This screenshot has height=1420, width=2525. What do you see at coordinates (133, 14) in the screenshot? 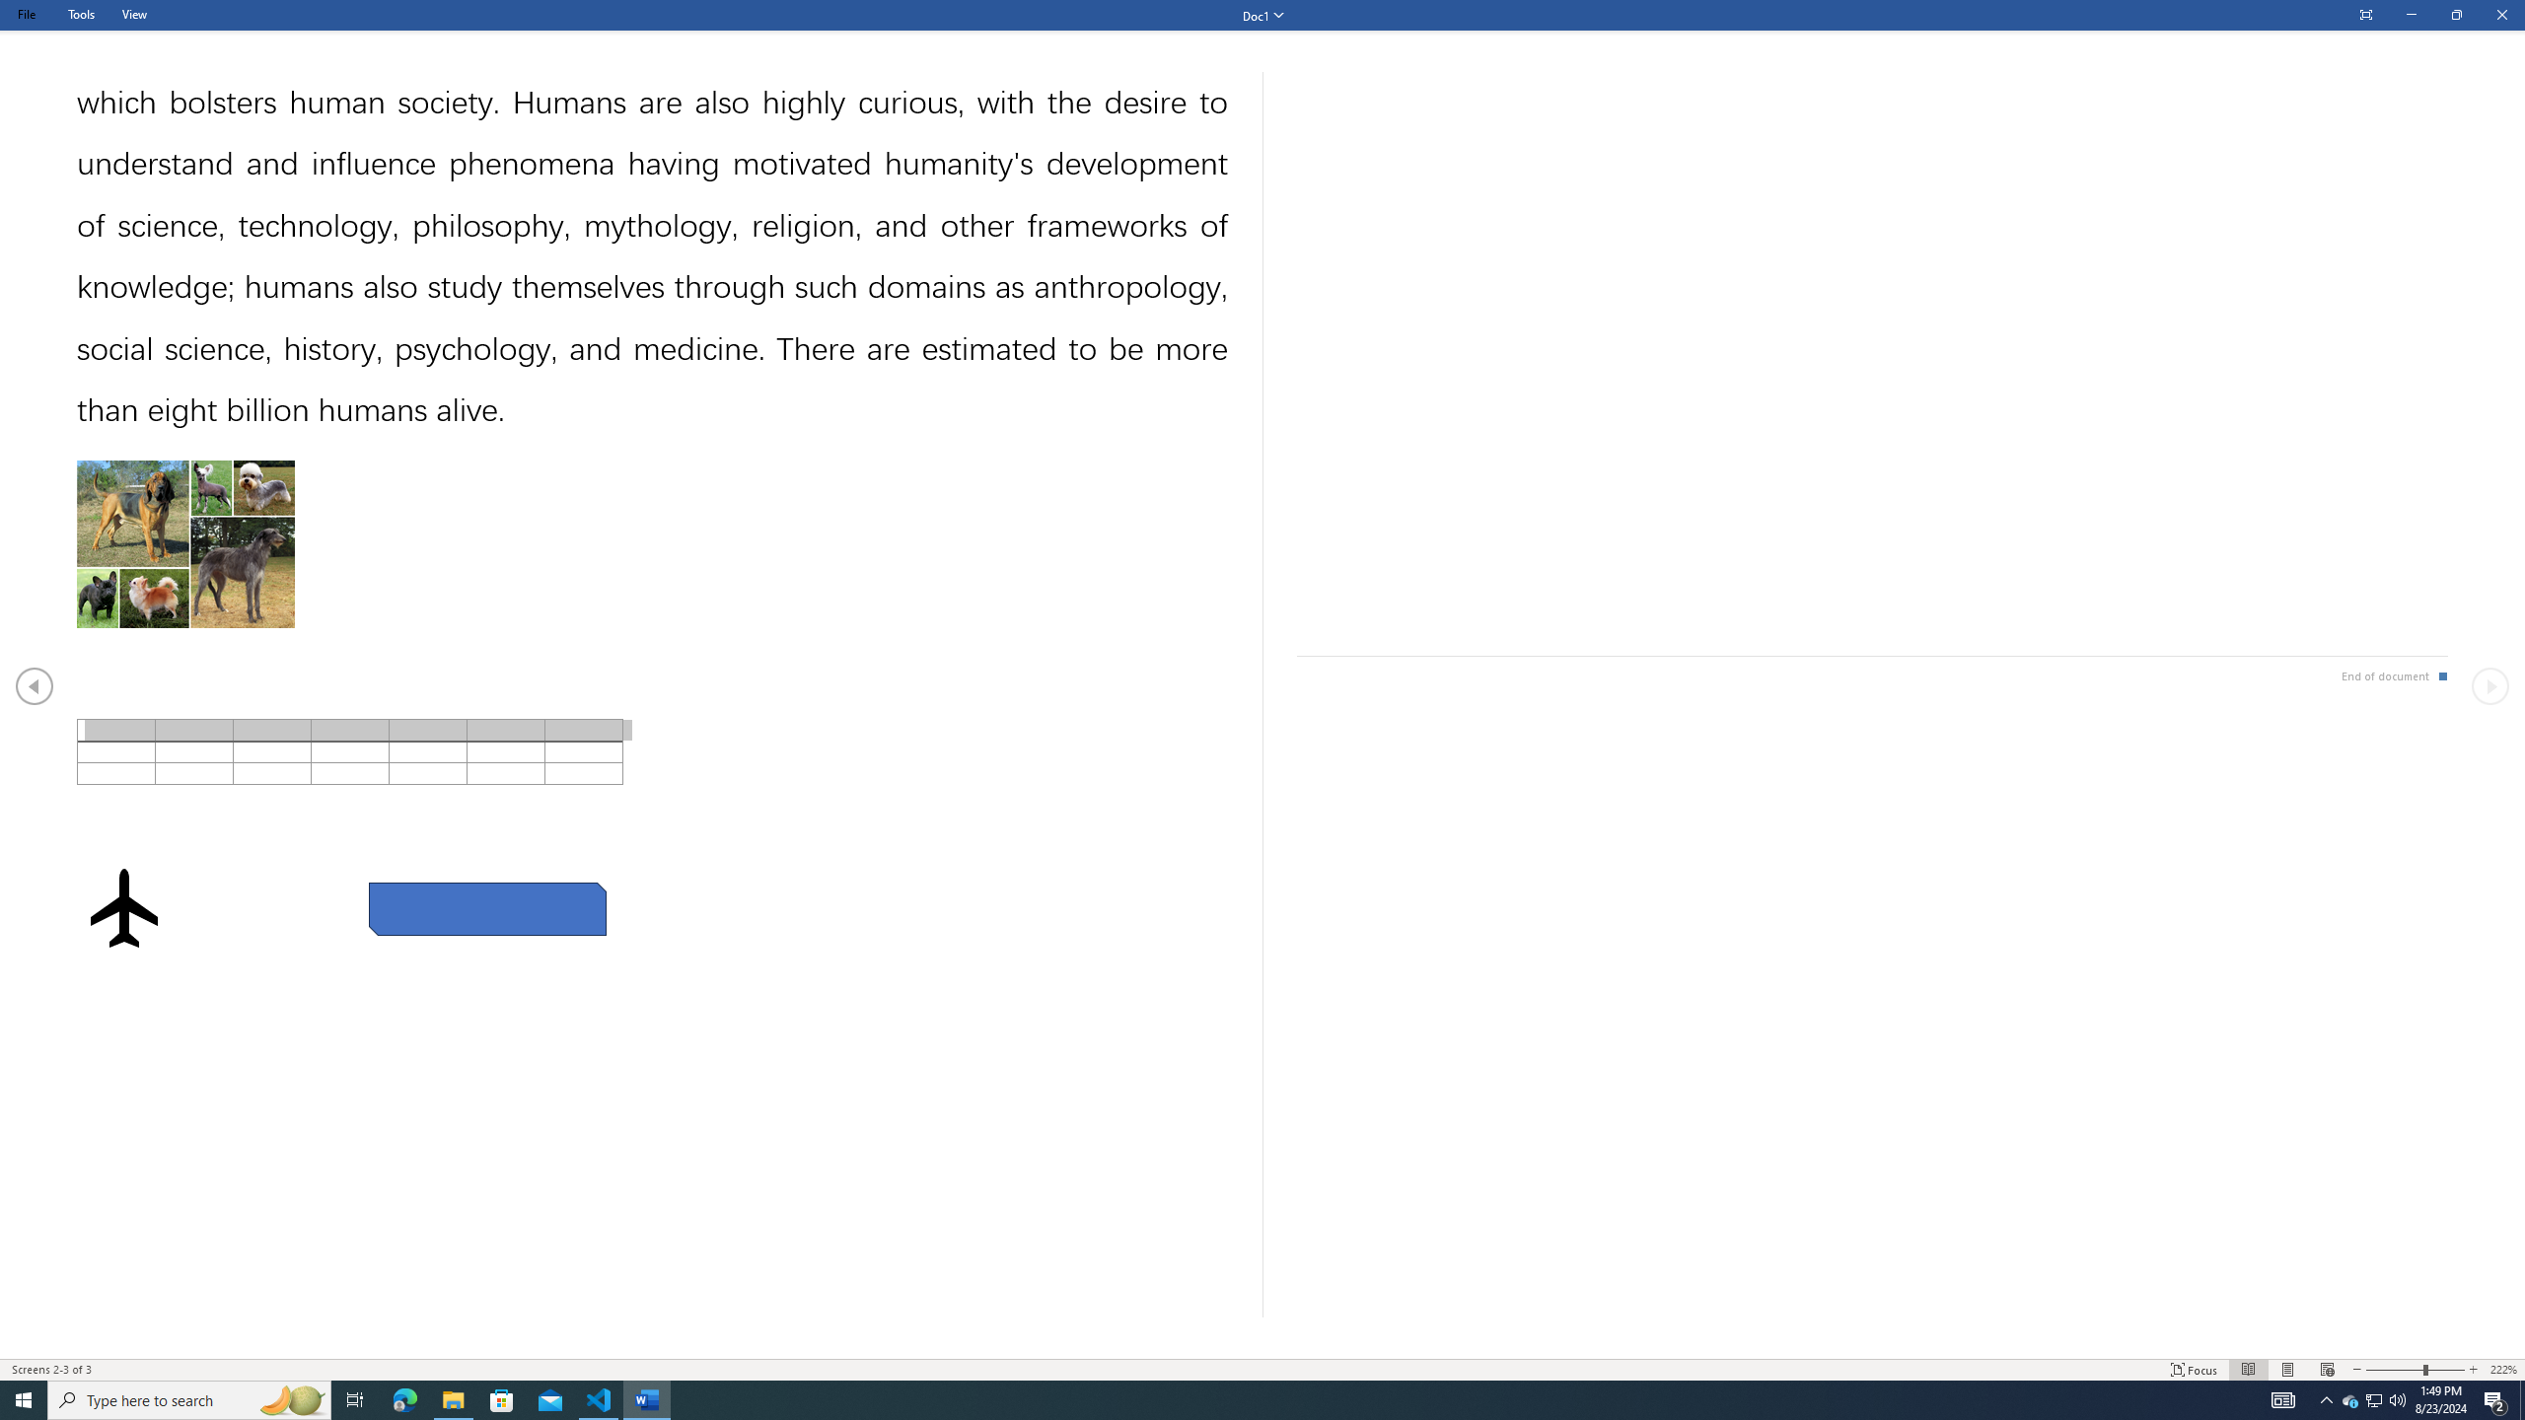
I see `'View'` at bounding box center [133, 14].